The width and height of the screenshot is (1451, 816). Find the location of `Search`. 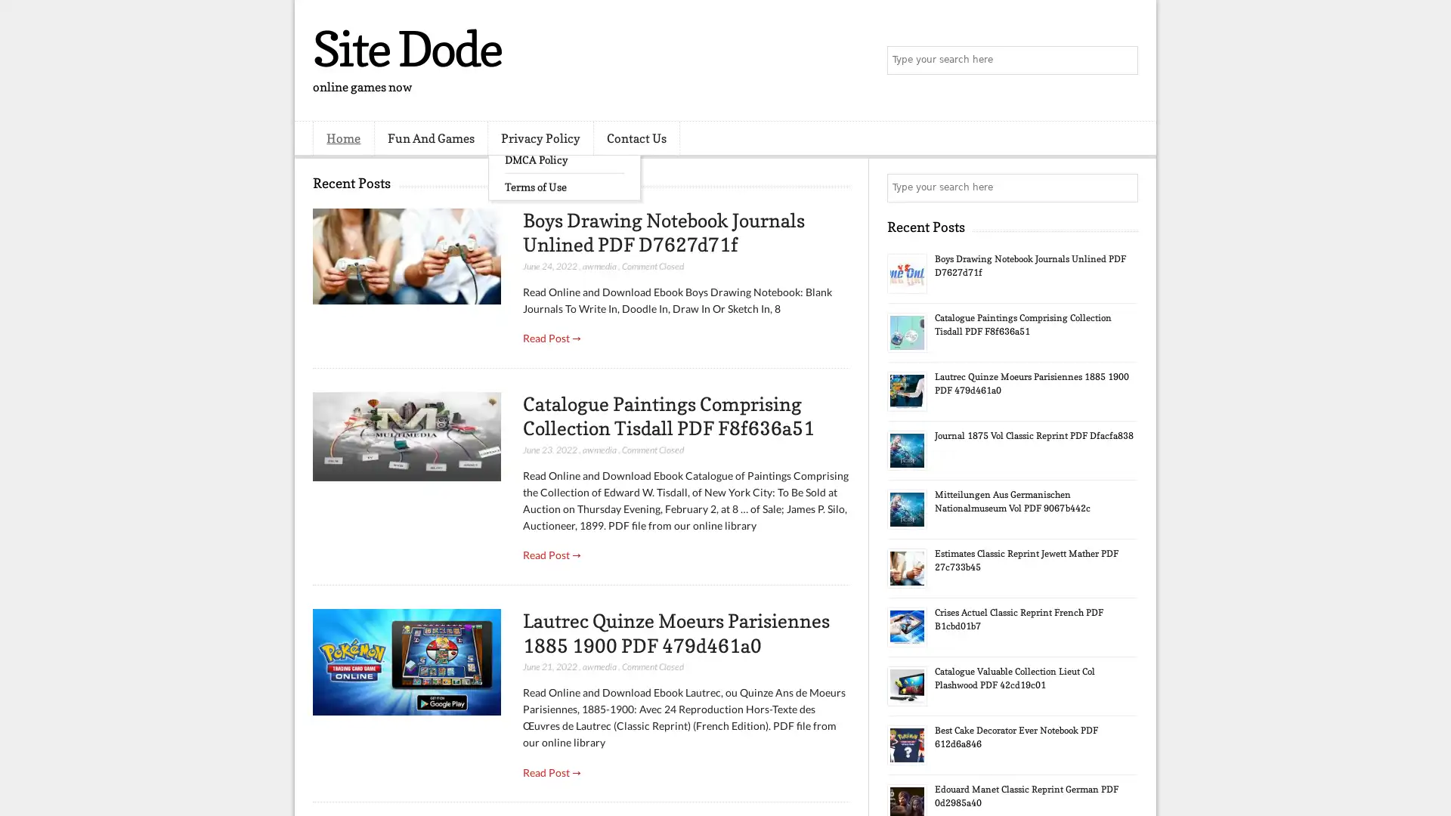

Search is located at coordinates (1122, 60).